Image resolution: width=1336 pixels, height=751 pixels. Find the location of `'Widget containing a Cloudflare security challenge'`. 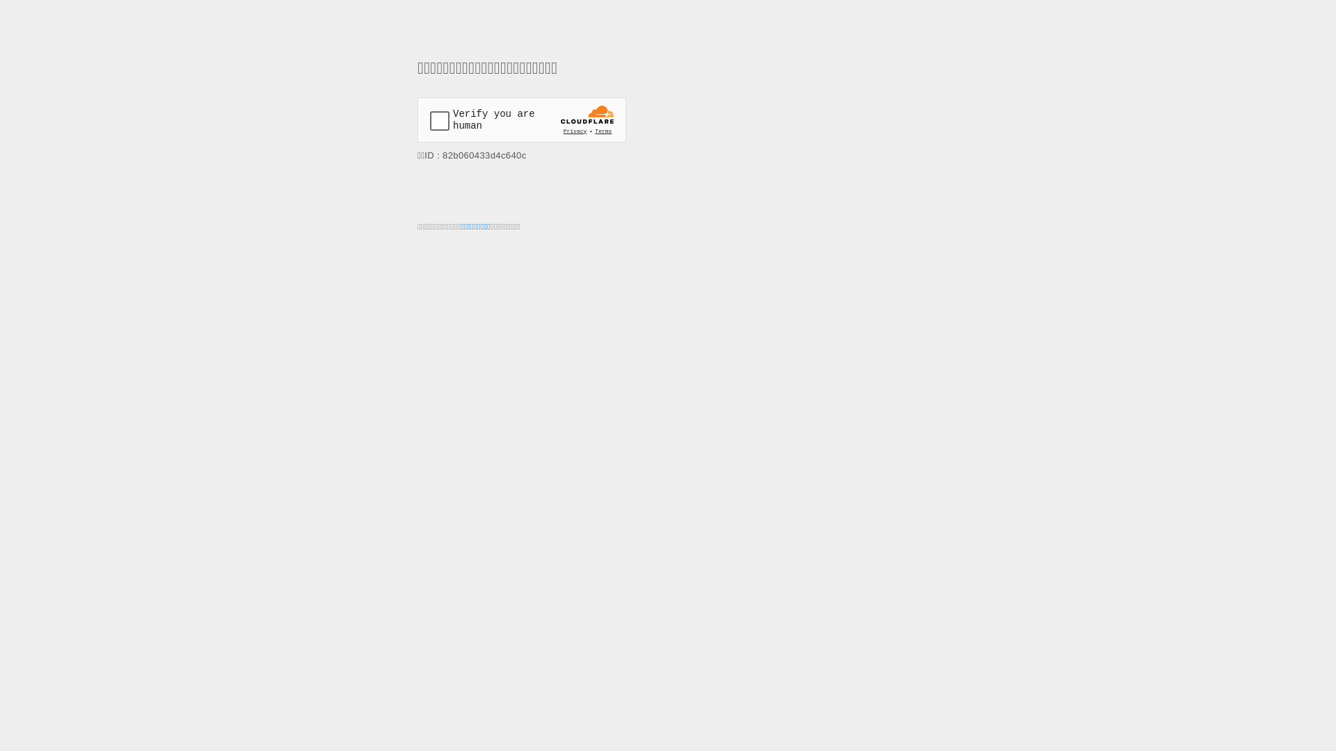

'Widget containing a Cloudflare security challenge' is located at coordinates (520, 119).